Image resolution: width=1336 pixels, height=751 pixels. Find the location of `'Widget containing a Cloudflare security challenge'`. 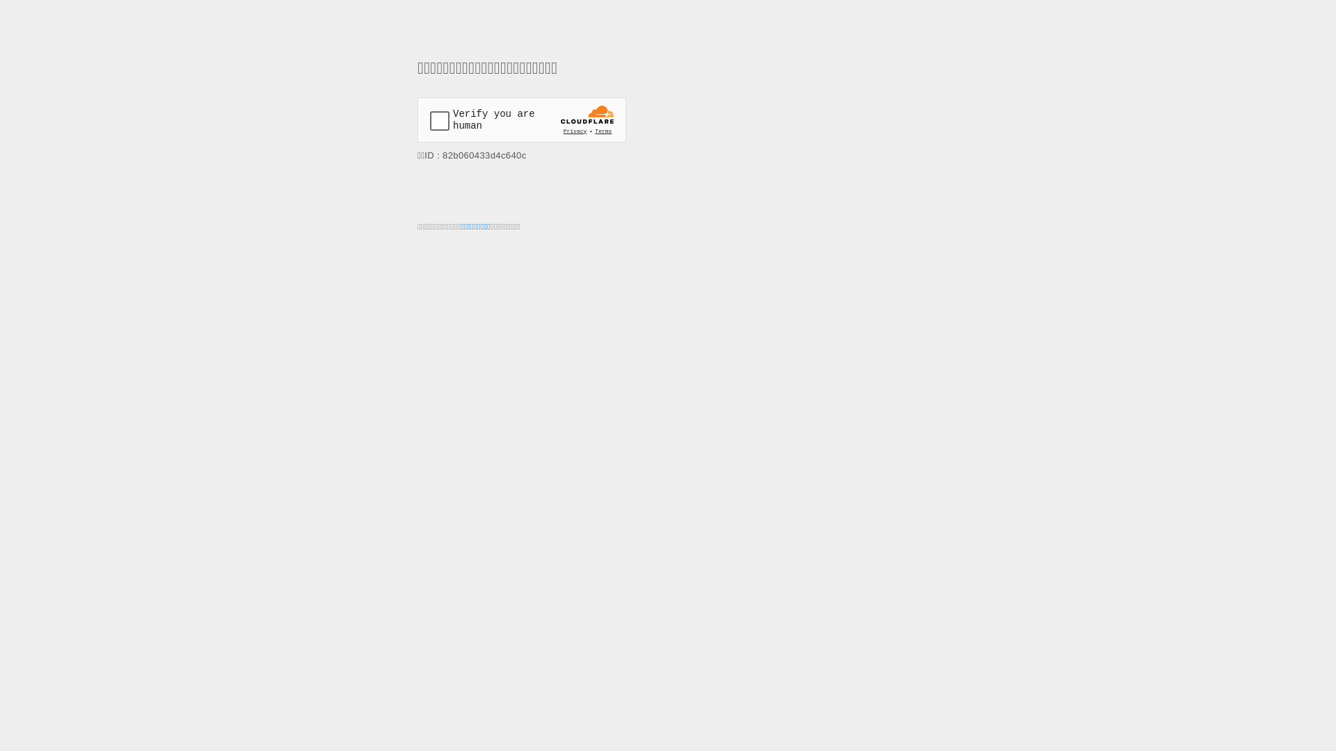

'Widget containing a Cloudflare security challenge' is located at coordinates (520, 119).